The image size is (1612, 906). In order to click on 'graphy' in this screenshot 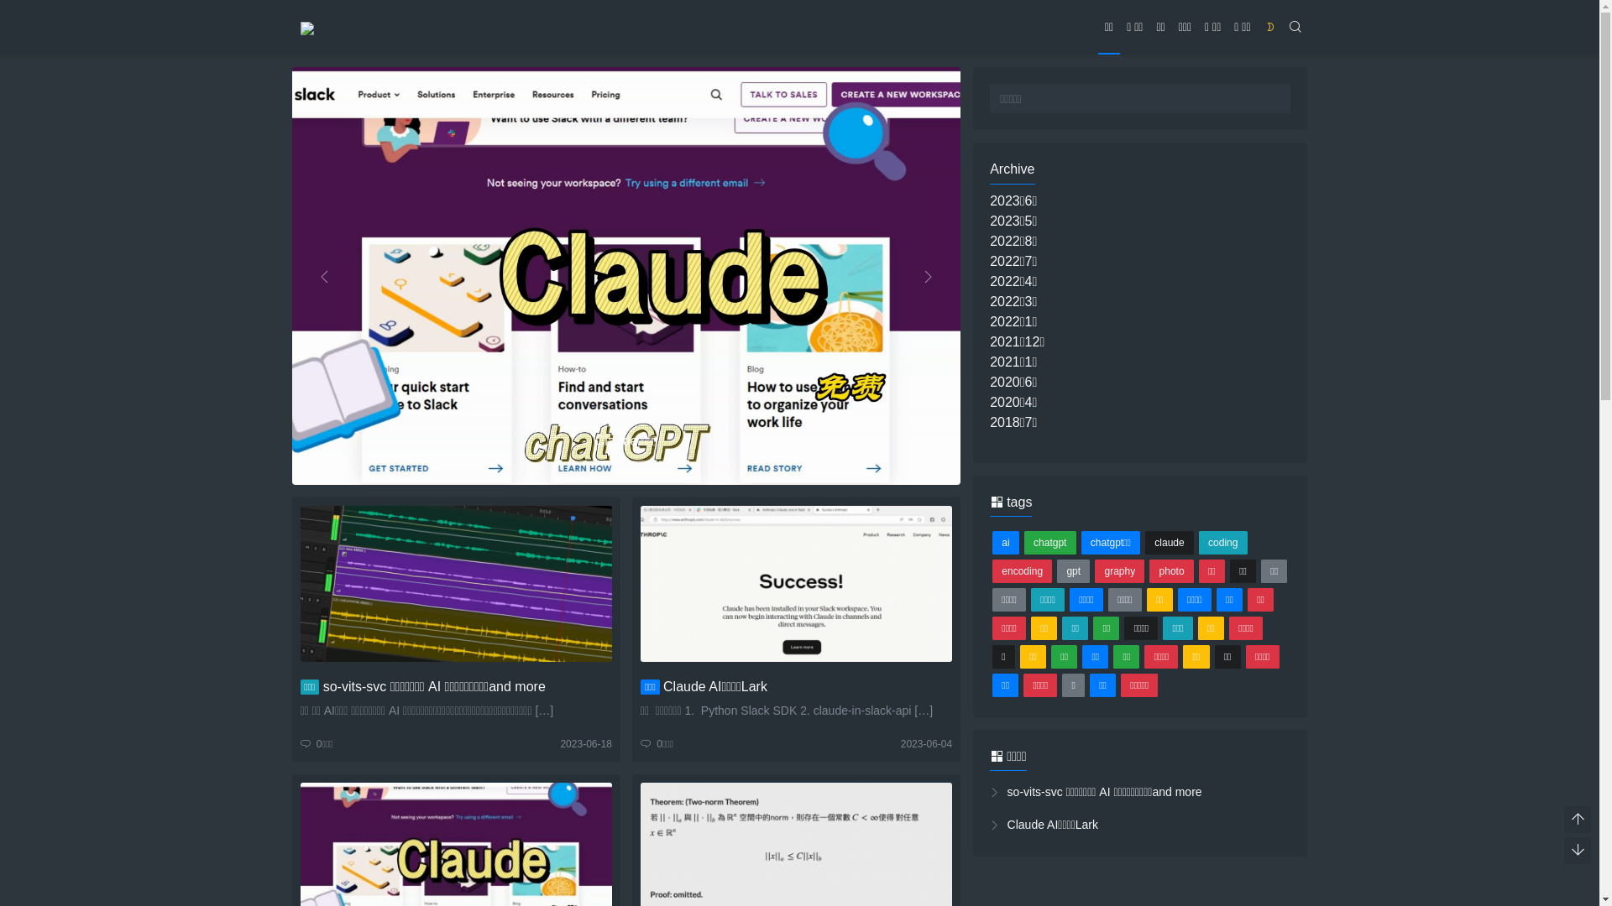, I will do `click(1119, 570)`.